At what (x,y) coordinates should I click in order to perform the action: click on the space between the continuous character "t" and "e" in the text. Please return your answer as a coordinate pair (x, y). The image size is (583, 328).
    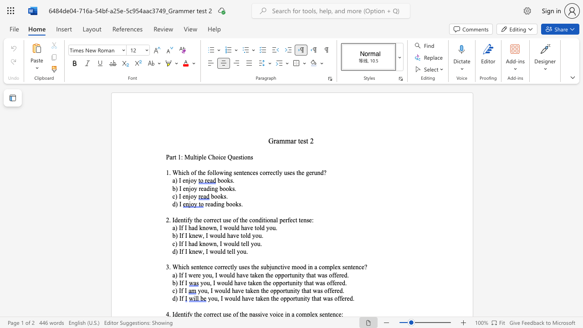
    Looking at the image, I should click on (300, 141).